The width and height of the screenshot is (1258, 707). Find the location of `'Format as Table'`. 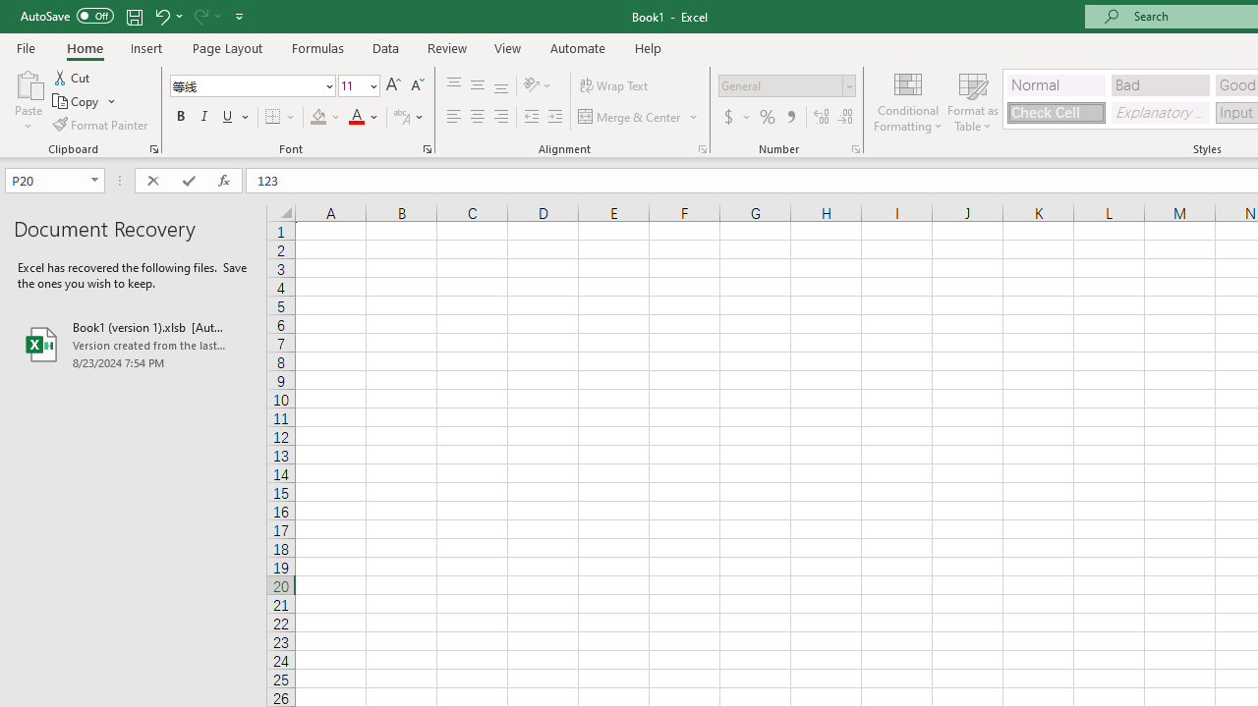

'Format as Table' is located at coordinates (973, 101).